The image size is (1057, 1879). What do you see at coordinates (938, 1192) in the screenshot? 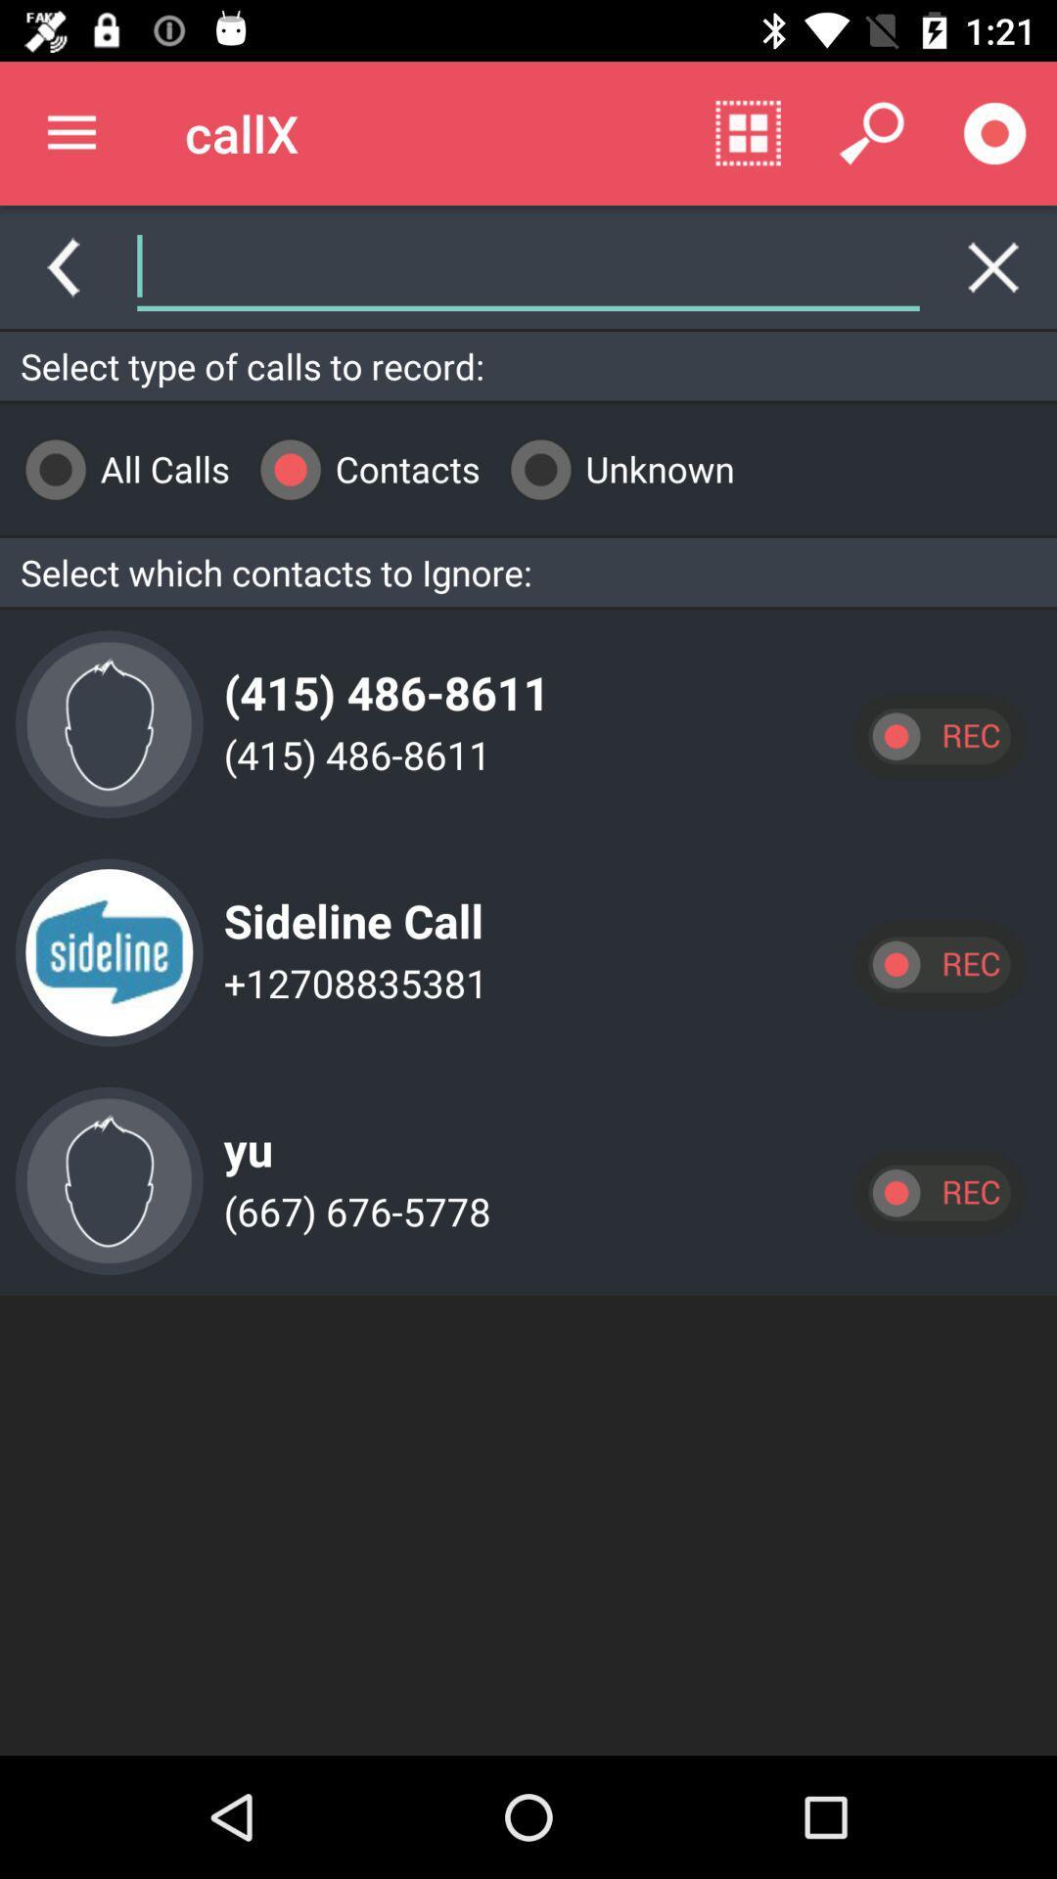
I see `record contact` at bounding box center [938, 1192].